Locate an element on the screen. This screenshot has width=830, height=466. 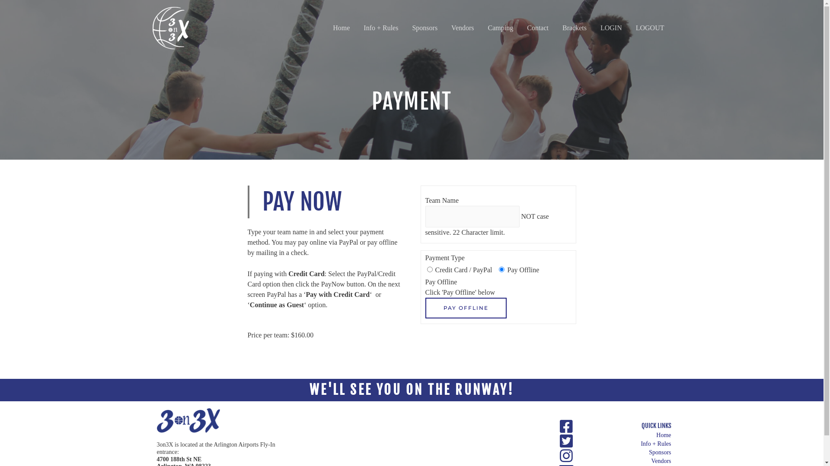
'Brackets' is located at coordinates (575, 28).